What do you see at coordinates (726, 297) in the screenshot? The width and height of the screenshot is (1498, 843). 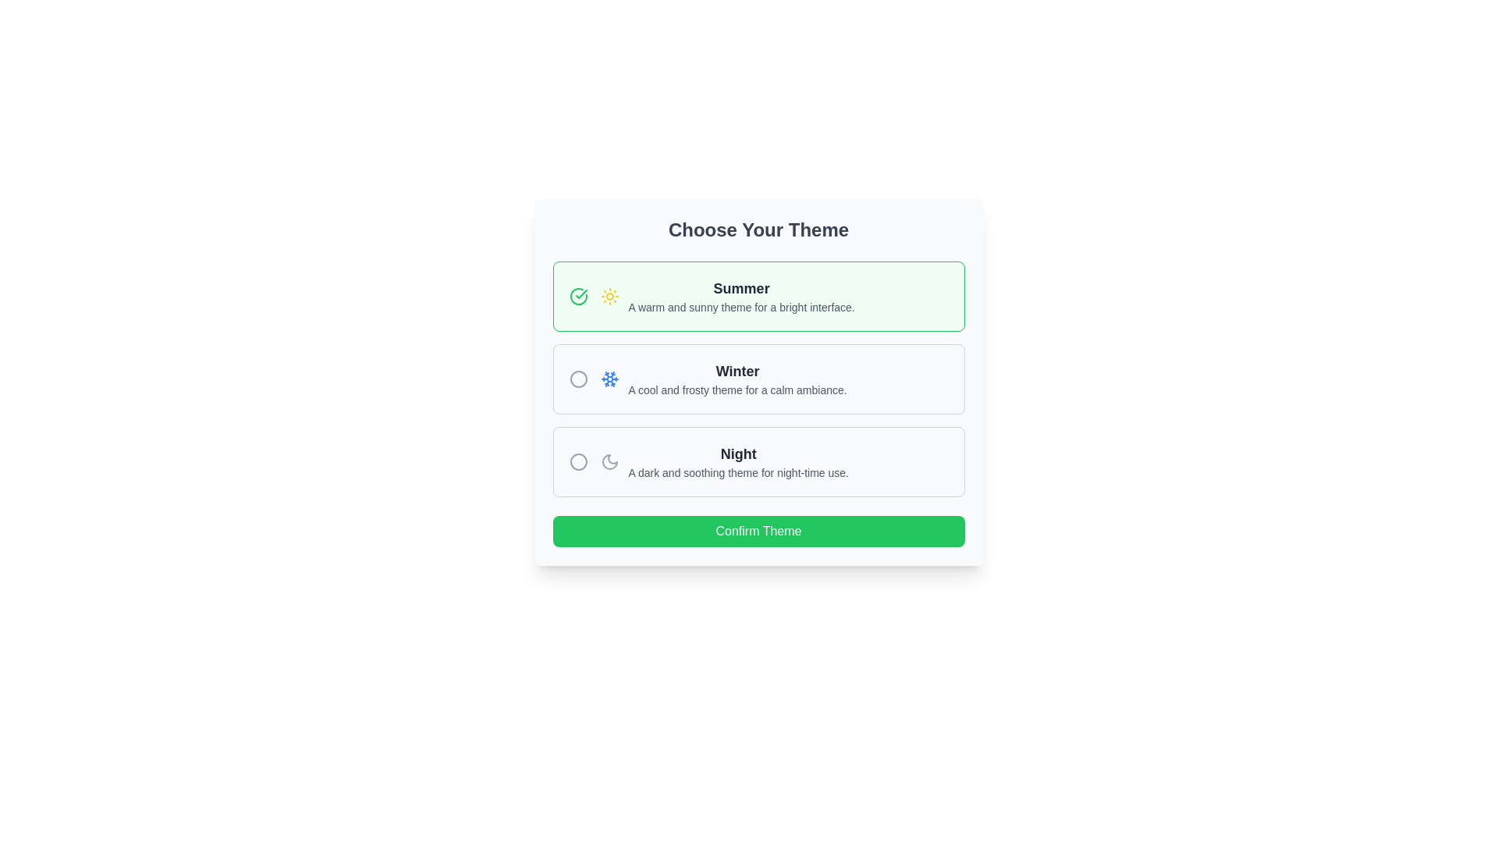 I see `text in the descriptive option for the 'Summer' theme located in the selectable card with a green border, positioned just below the heading 'Choose Your Theme'` at bounding box center [726, 297].